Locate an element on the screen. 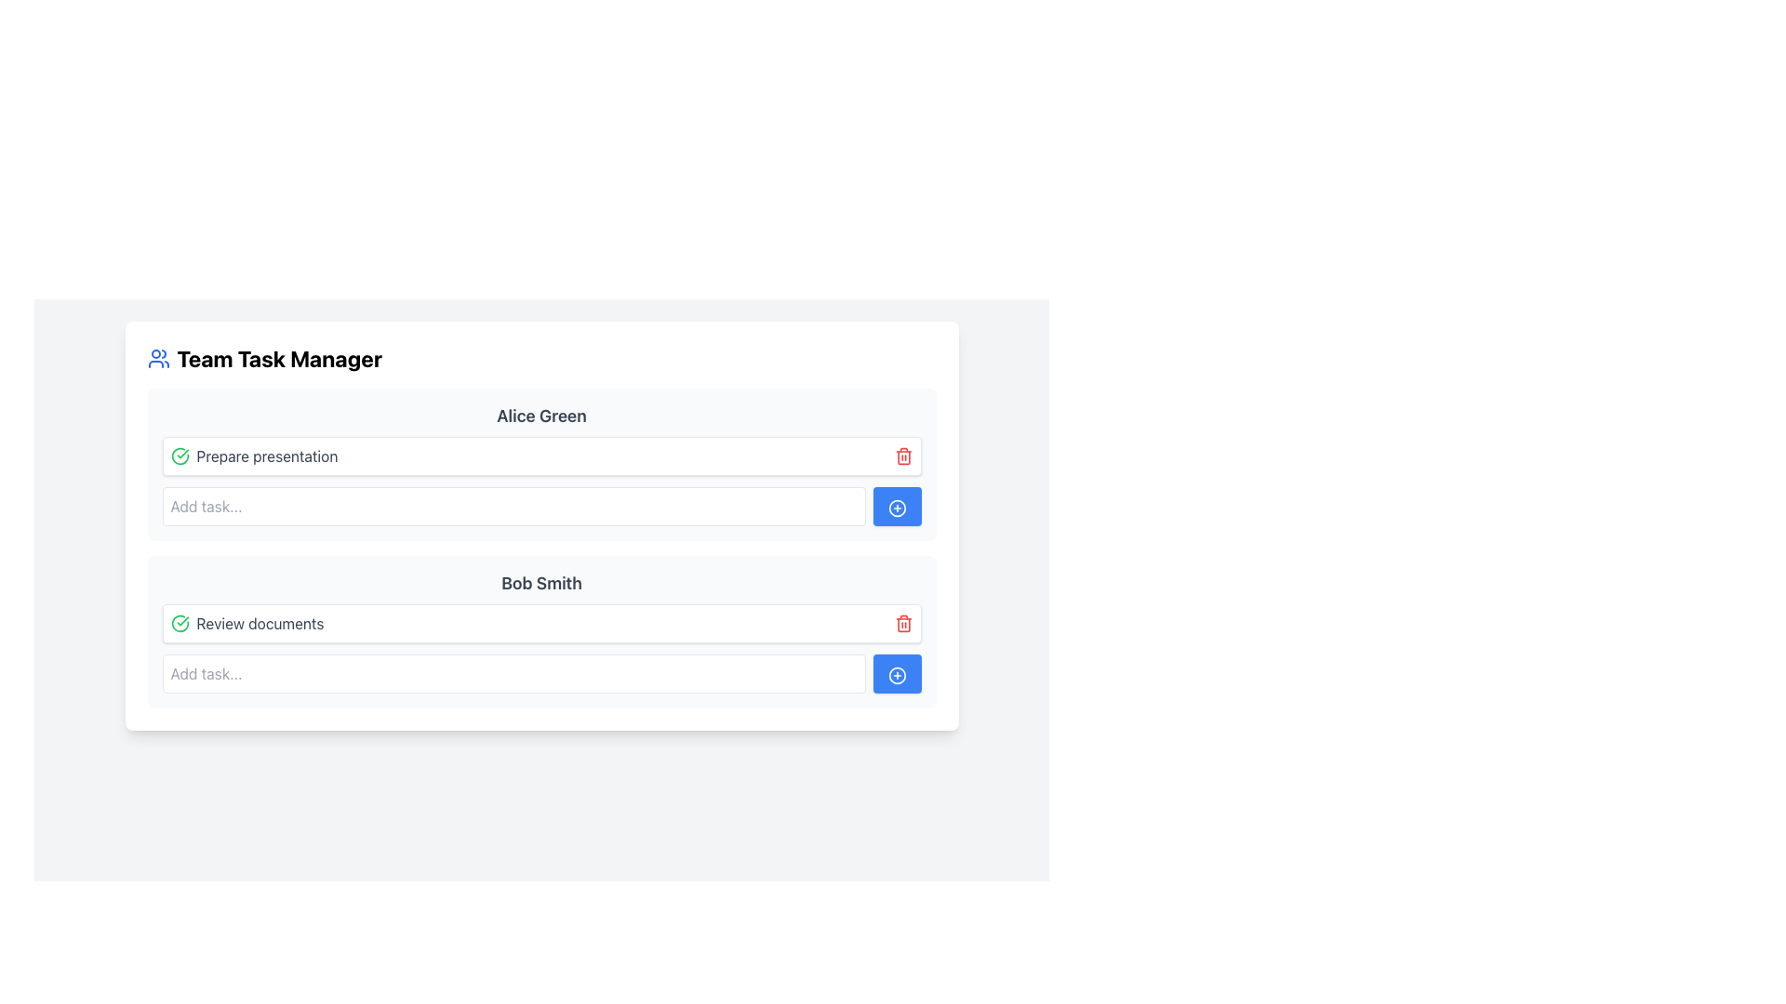  the blue button with a white outlined circle and a plus (+) symbol, located to the right of the input field under the 'Bob Smith' header for keyboard interaction is located at coordinates (897, 674).